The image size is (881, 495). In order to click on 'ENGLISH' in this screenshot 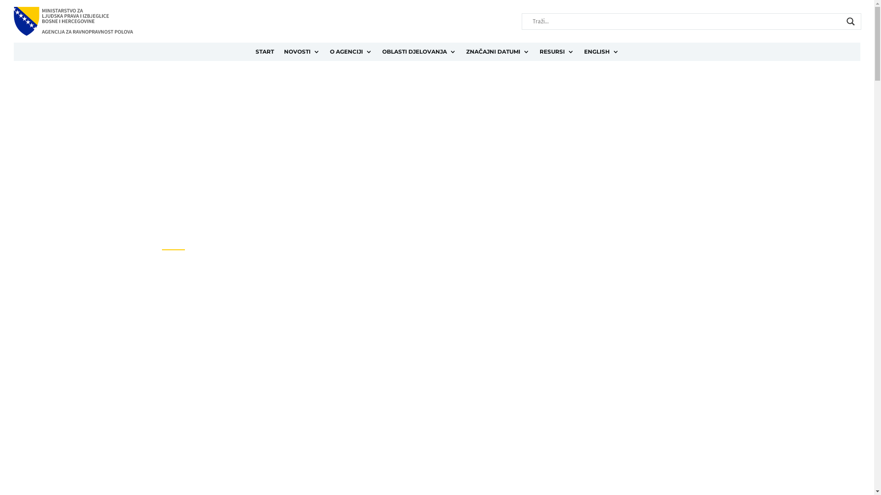, I will do `click(601, 53)`.